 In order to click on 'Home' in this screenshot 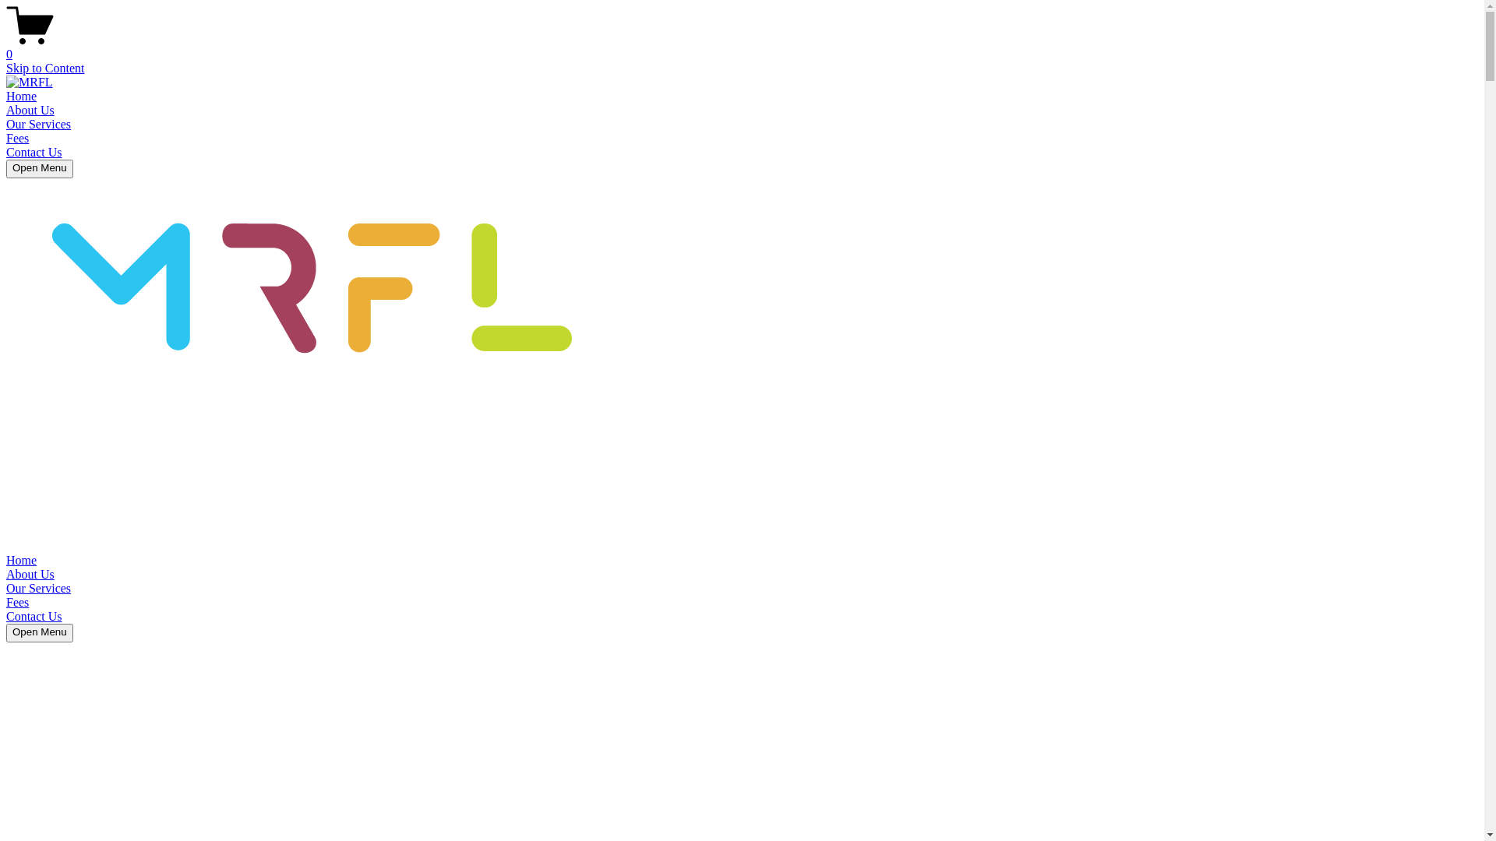, I will do `click(21, 96)`.